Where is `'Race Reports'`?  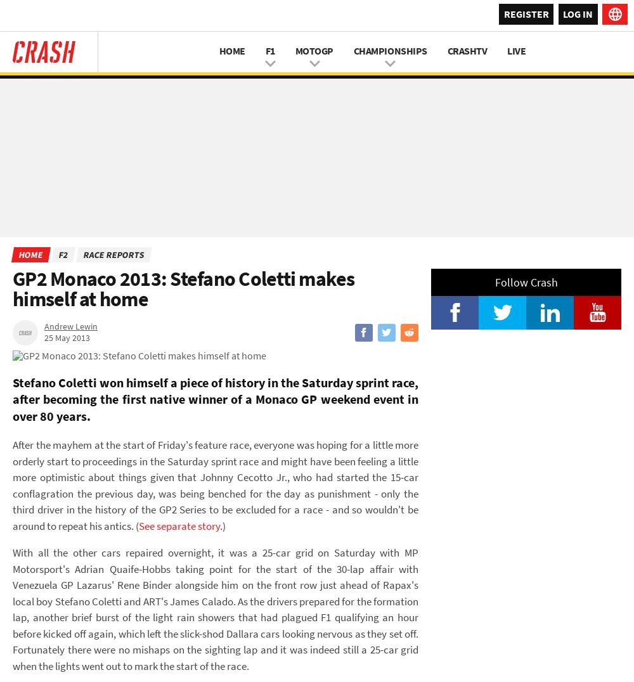
'Race Reports' is located at coordinates (113, 254).